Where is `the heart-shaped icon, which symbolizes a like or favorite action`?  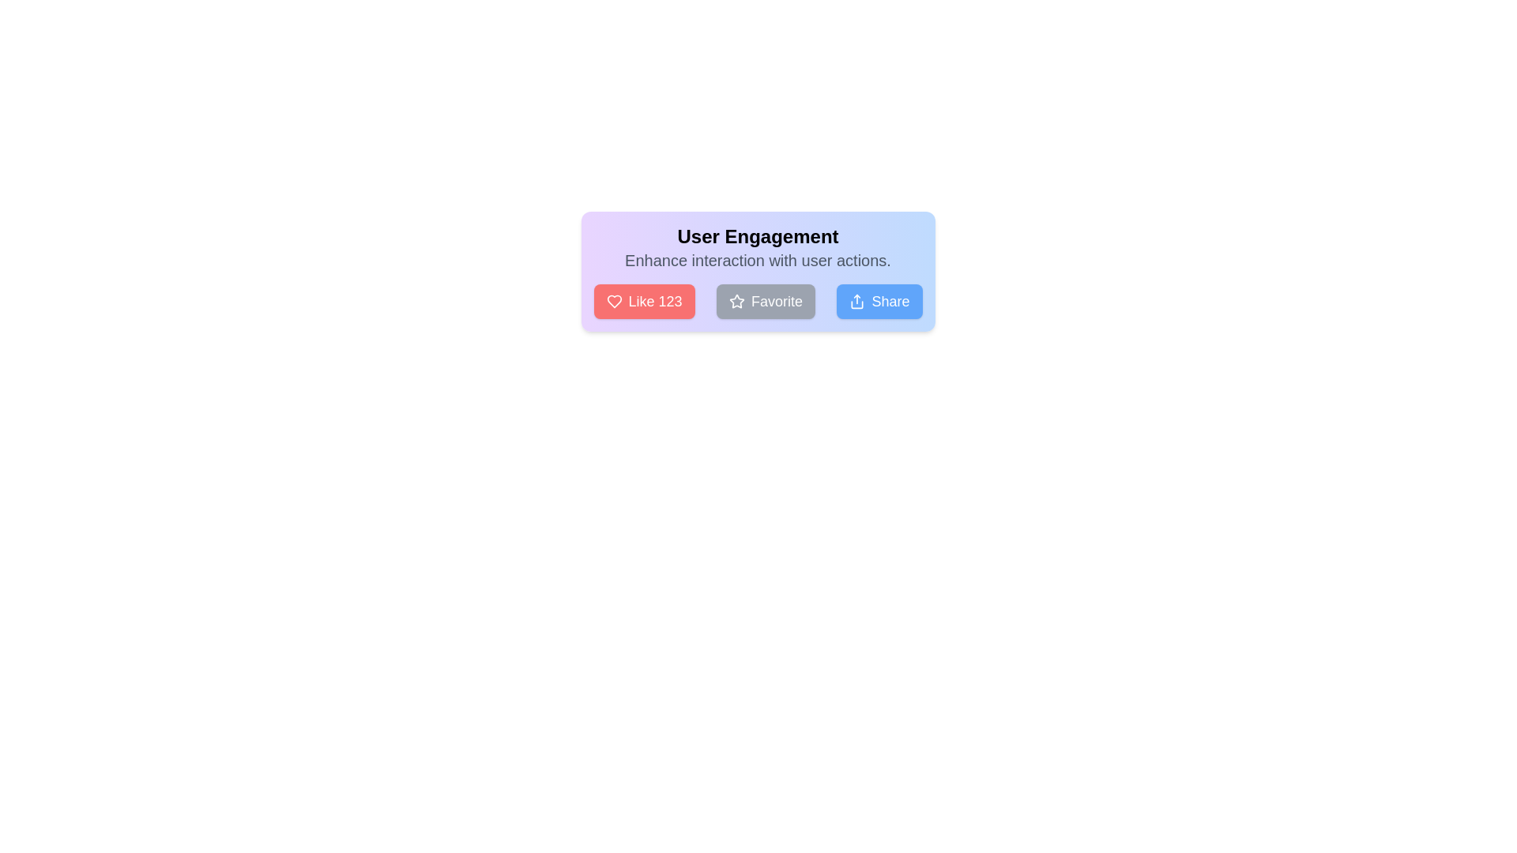
the heart-shaped icon, which symbolizes a like or favorite action is located at coordinates (613, 301).